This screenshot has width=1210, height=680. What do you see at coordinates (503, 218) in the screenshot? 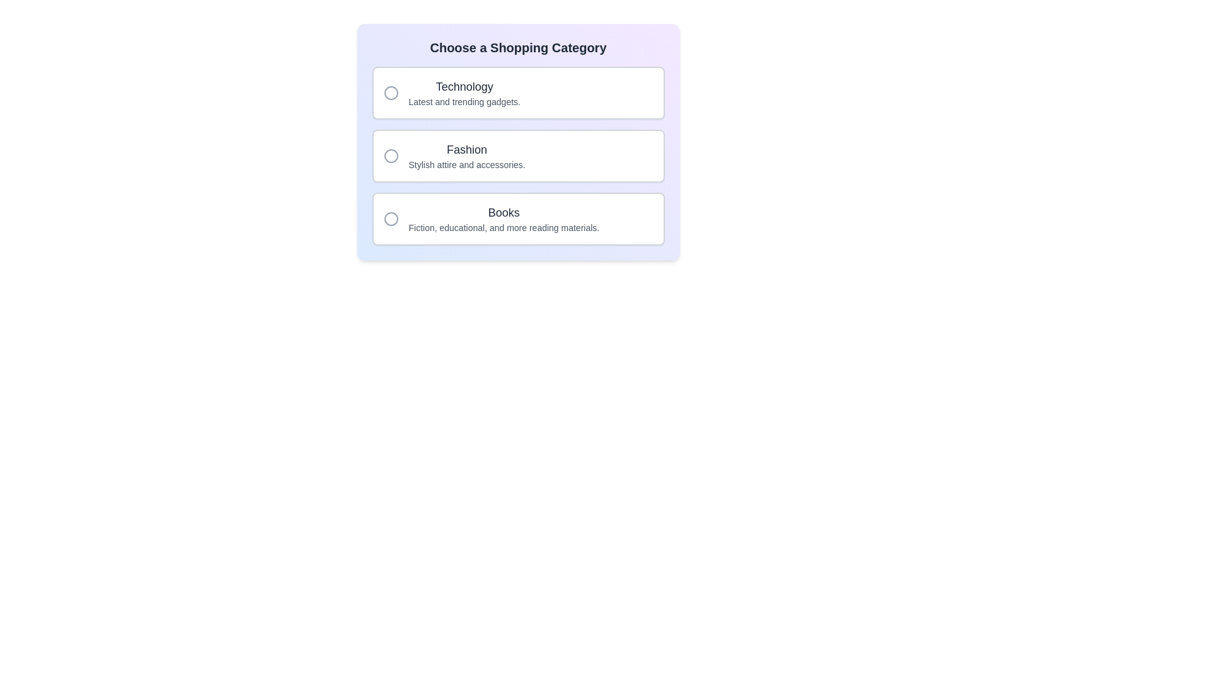
I see `text information from the 'Books' text block located in the 'Choose a Shopping Category' section, which has a bold title and a description beneath it` at bounding box center [503, 218].